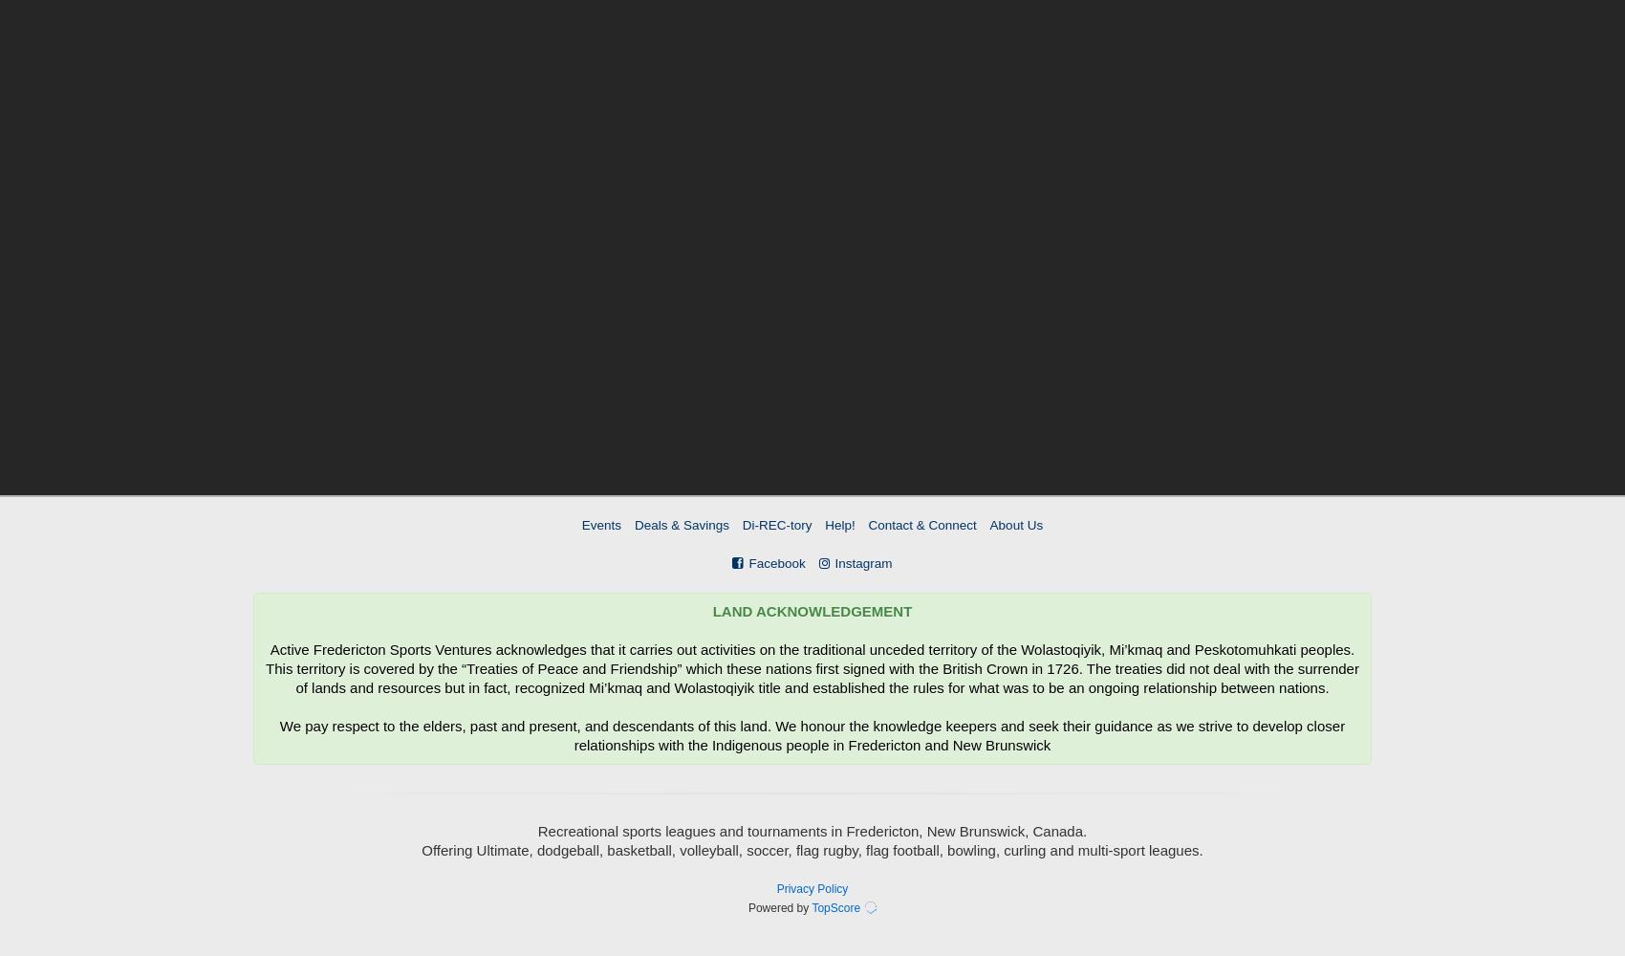 The width and height of the screenshot is (1625, 956). Describe the element at coordinates (863, 562) in the screenshot. I see `'Instagram'` at that location.